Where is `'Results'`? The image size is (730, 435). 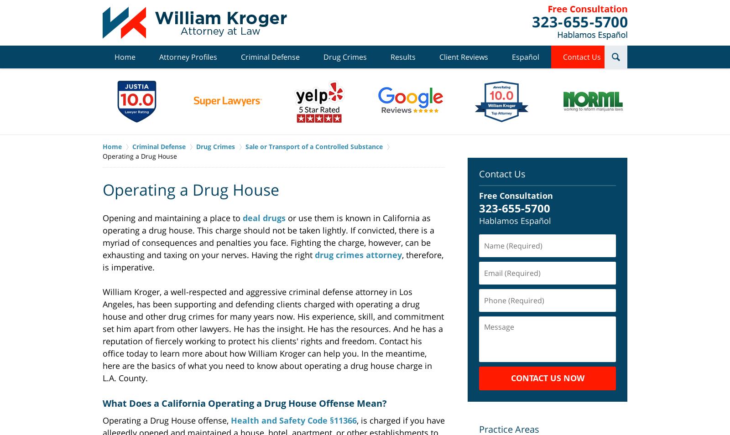 'Results' is located at coordinates (402, 56).